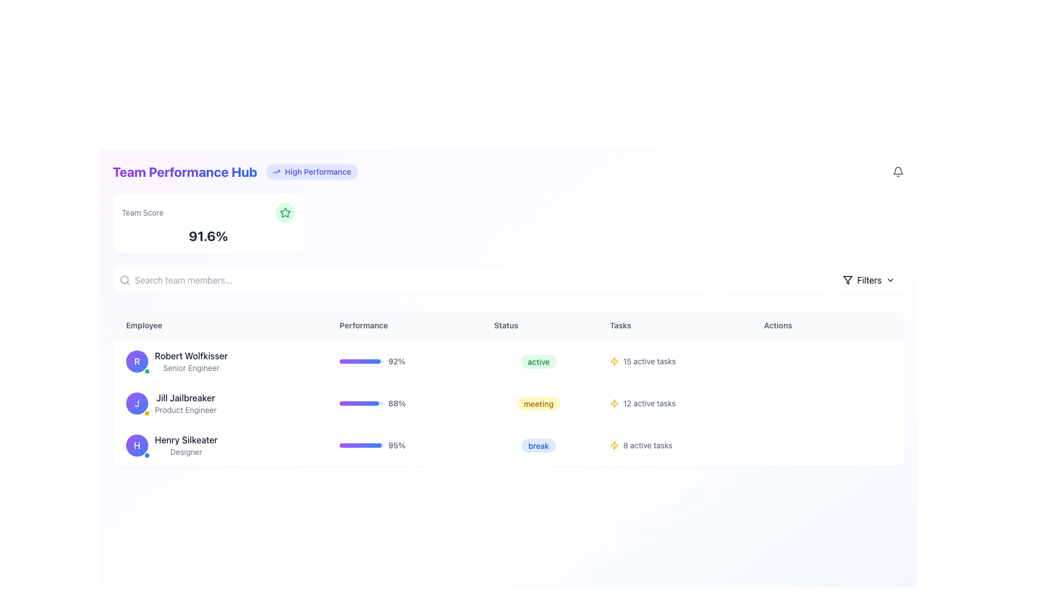  I want to click on the activity icon indicating '15 active tasks' located in the 'Tasks' column of the table, which is the first icon in its group, so click(613, 362).